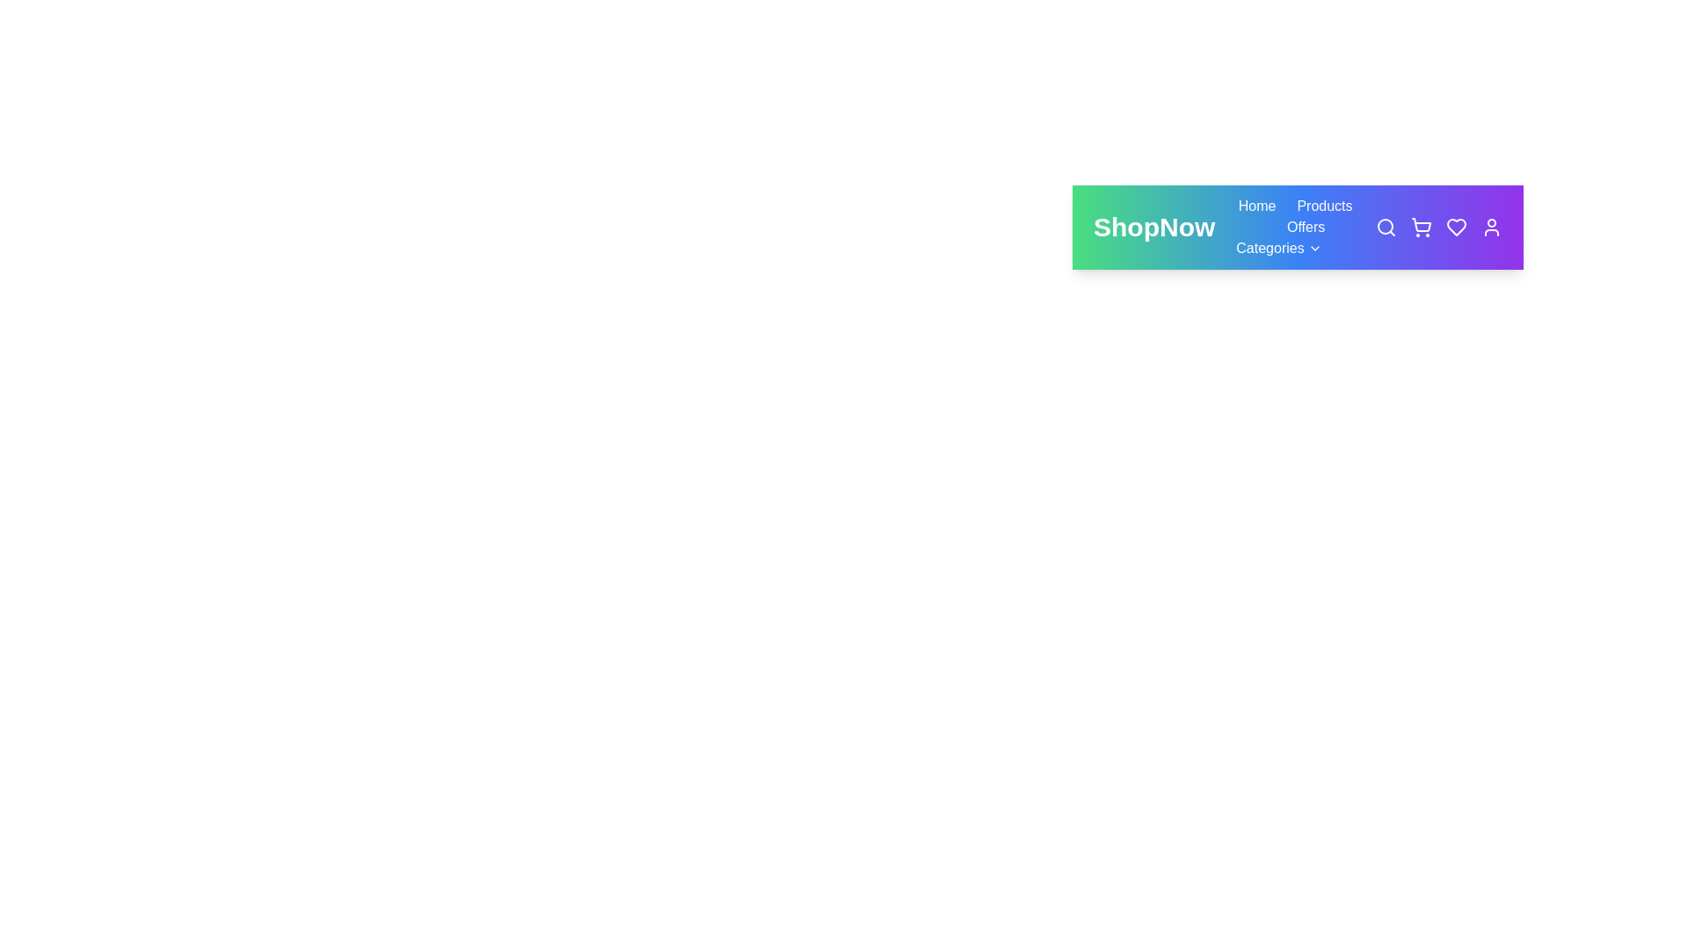 This screenshot has height=949, width=1688. Describe the element at coordinates (1325, 206) in the screenshot. I see `the Products navigation button to navigate to the respective section` at that location.